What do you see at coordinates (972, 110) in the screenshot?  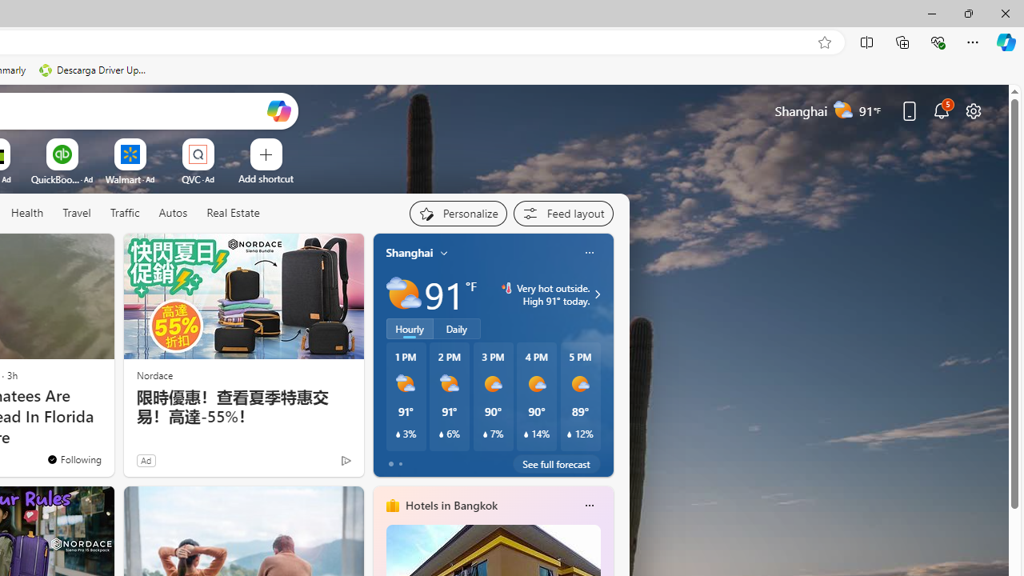 I see `'Page settings'` at bounding box center [972, 110].